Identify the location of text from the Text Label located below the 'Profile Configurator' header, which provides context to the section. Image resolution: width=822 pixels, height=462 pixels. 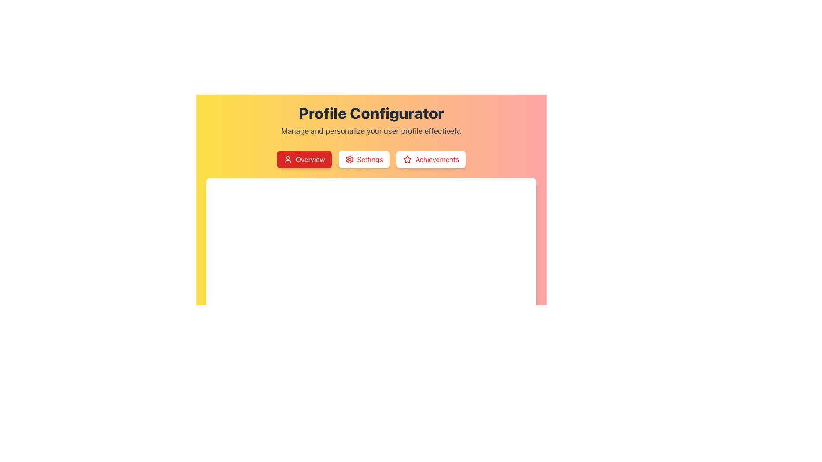
(371, 131).